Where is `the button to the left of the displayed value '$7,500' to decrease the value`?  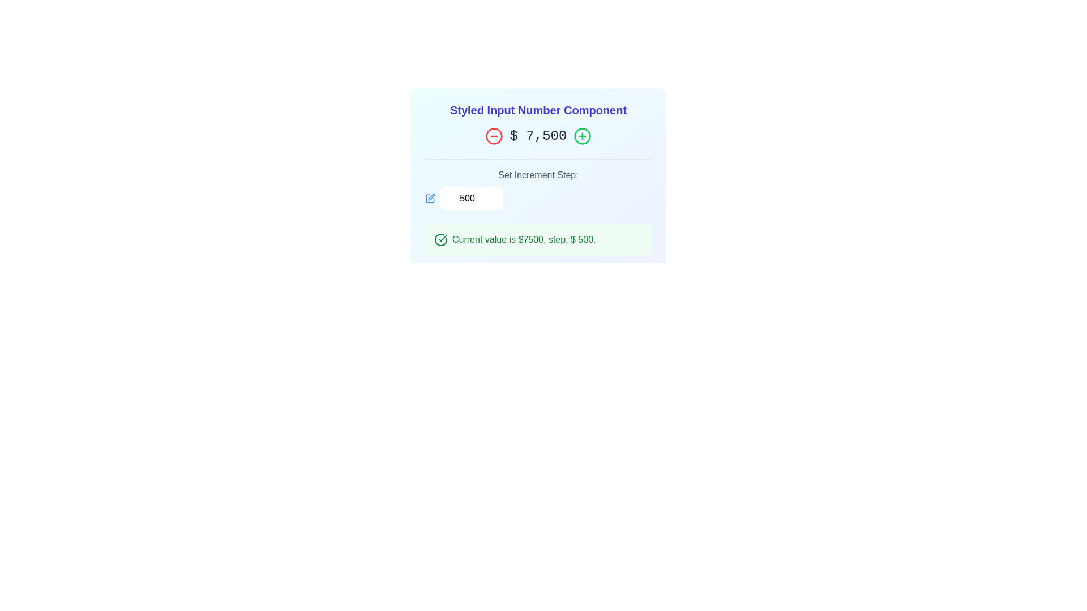
the button to the left of the displayed value '$7,500' to decrease the value is located at coordinates (494, 135).